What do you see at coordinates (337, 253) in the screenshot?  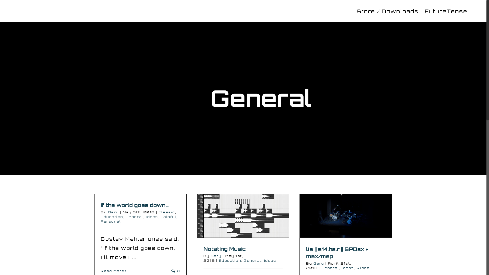 I see `'l(a || a14.hs.r || SPDsx + max/msp'` at bounding box center [337, 253].